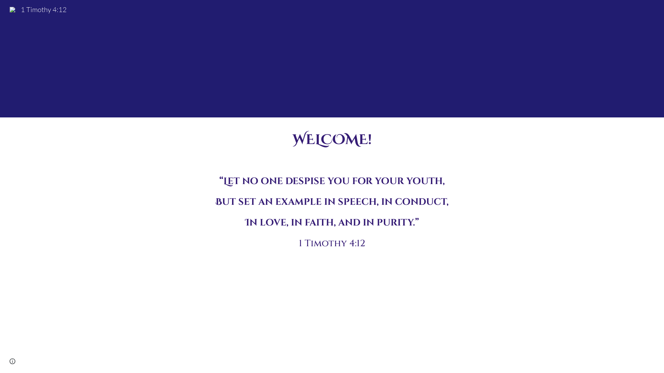  I want to click on '1 Timothy 4:12', so click(5, 9).